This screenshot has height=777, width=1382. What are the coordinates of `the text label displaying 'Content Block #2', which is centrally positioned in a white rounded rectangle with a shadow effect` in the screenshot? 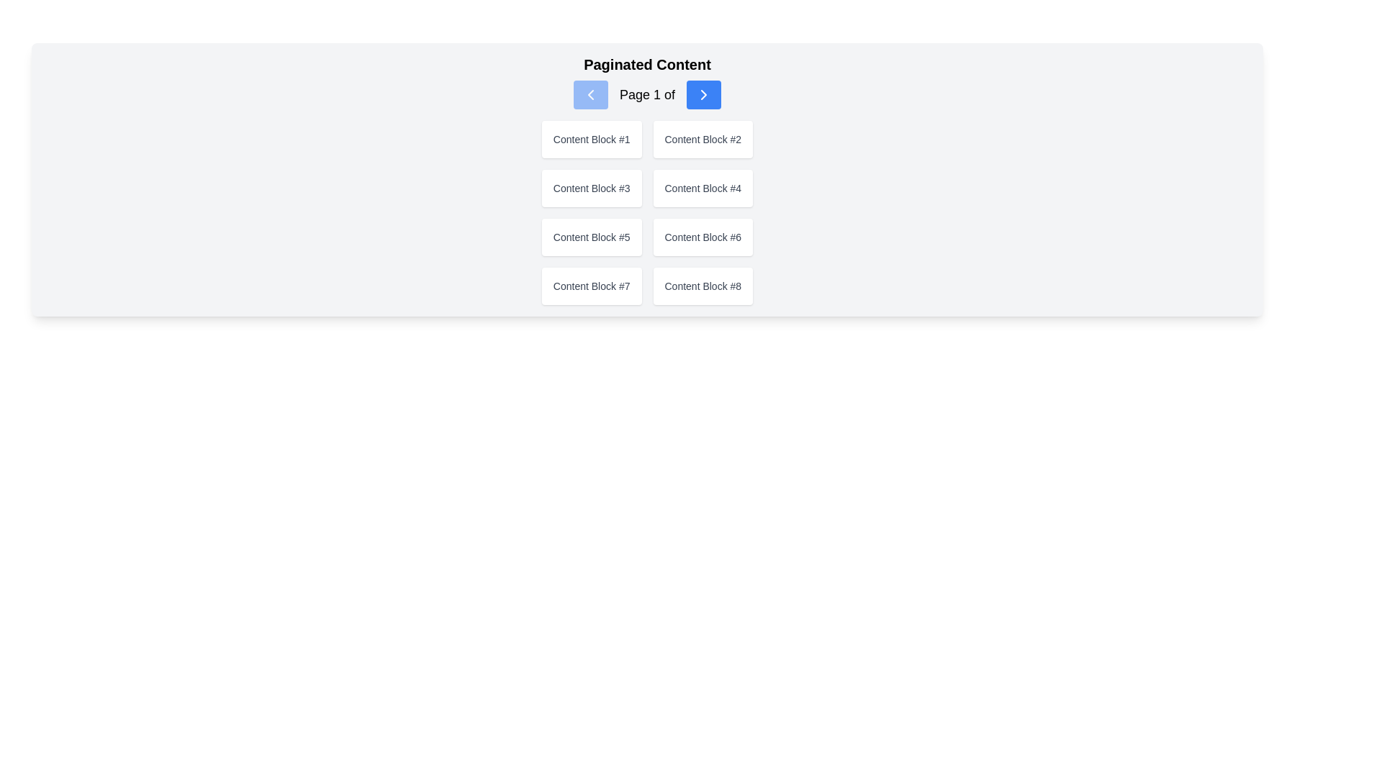 It's located at (703, 139).